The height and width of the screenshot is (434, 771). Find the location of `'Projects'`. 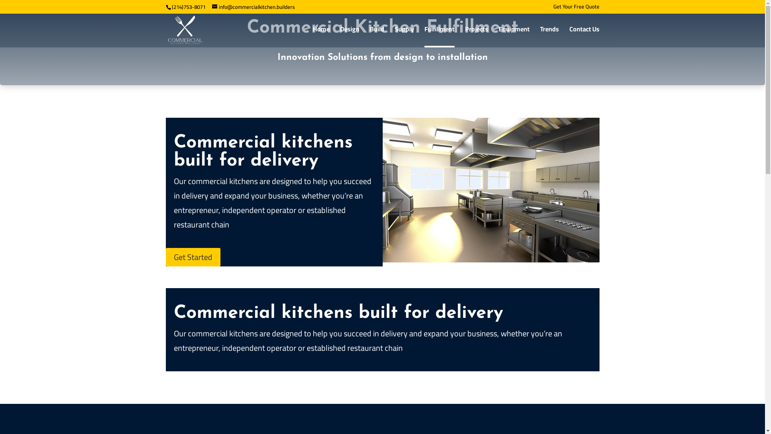

'Projects' is located at coordinates (476, 35).